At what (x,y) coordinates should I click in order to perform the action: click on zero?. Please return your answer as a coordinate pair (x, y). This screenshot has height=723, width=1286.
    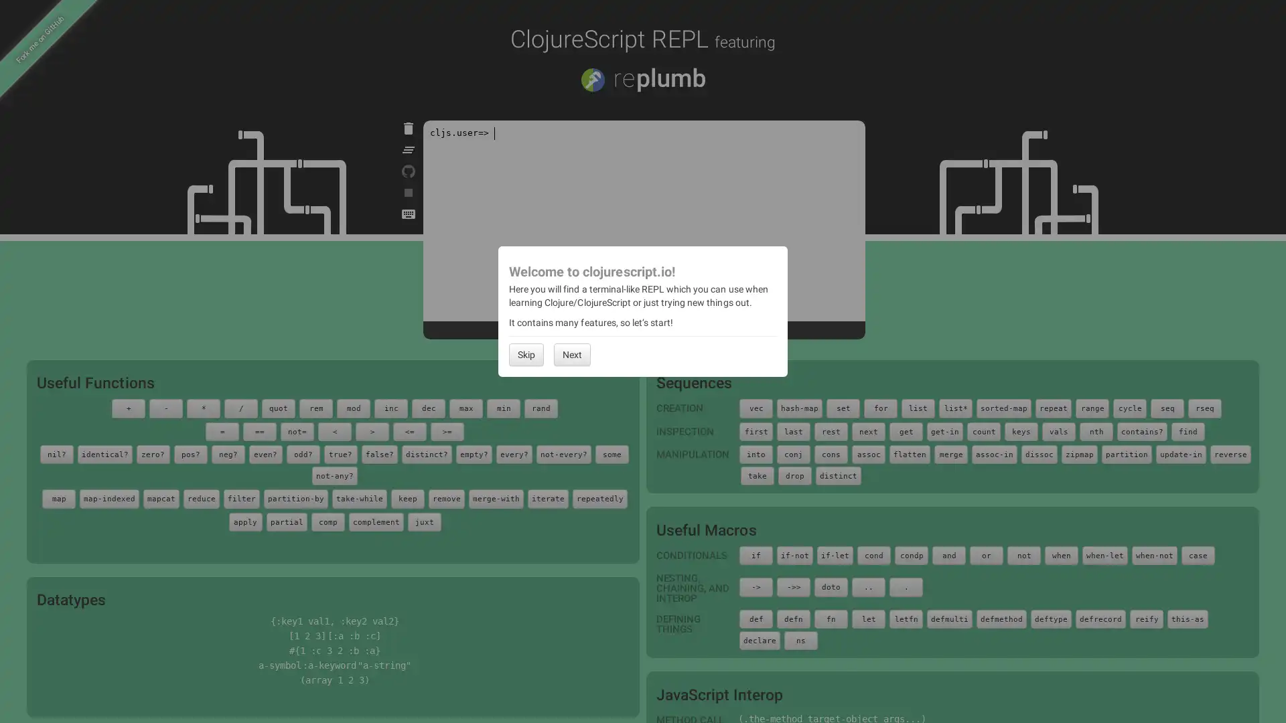
    Looking at the image, I should click on (152, 453).